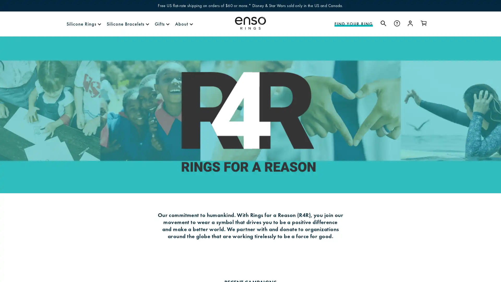 The image size is (501, 282). I want to click on Silicone Bracelets, so click(125, 24).